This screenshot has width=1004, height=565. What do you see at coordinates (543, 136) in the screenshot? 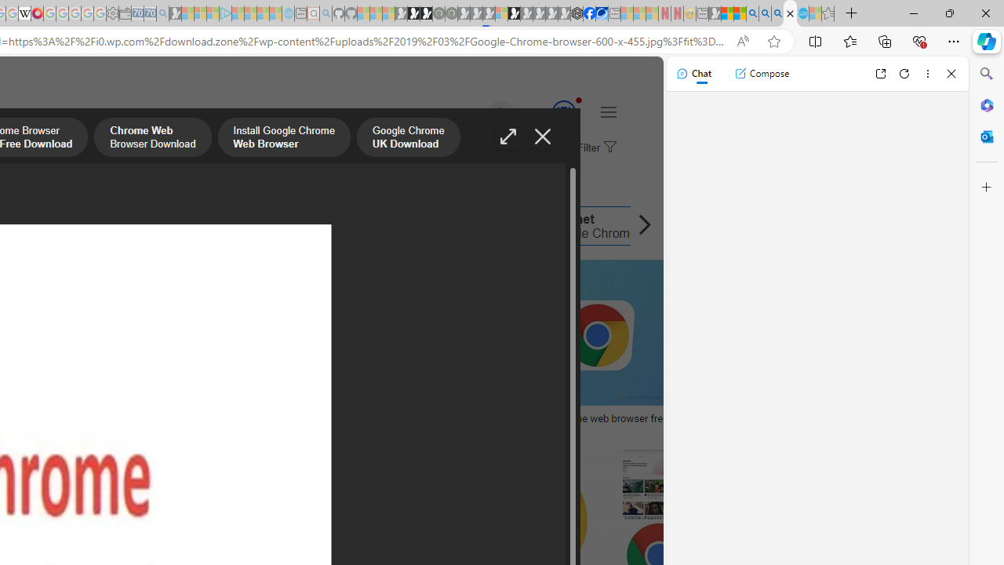
I see `'Close image'` at bounding box center [543, 136].